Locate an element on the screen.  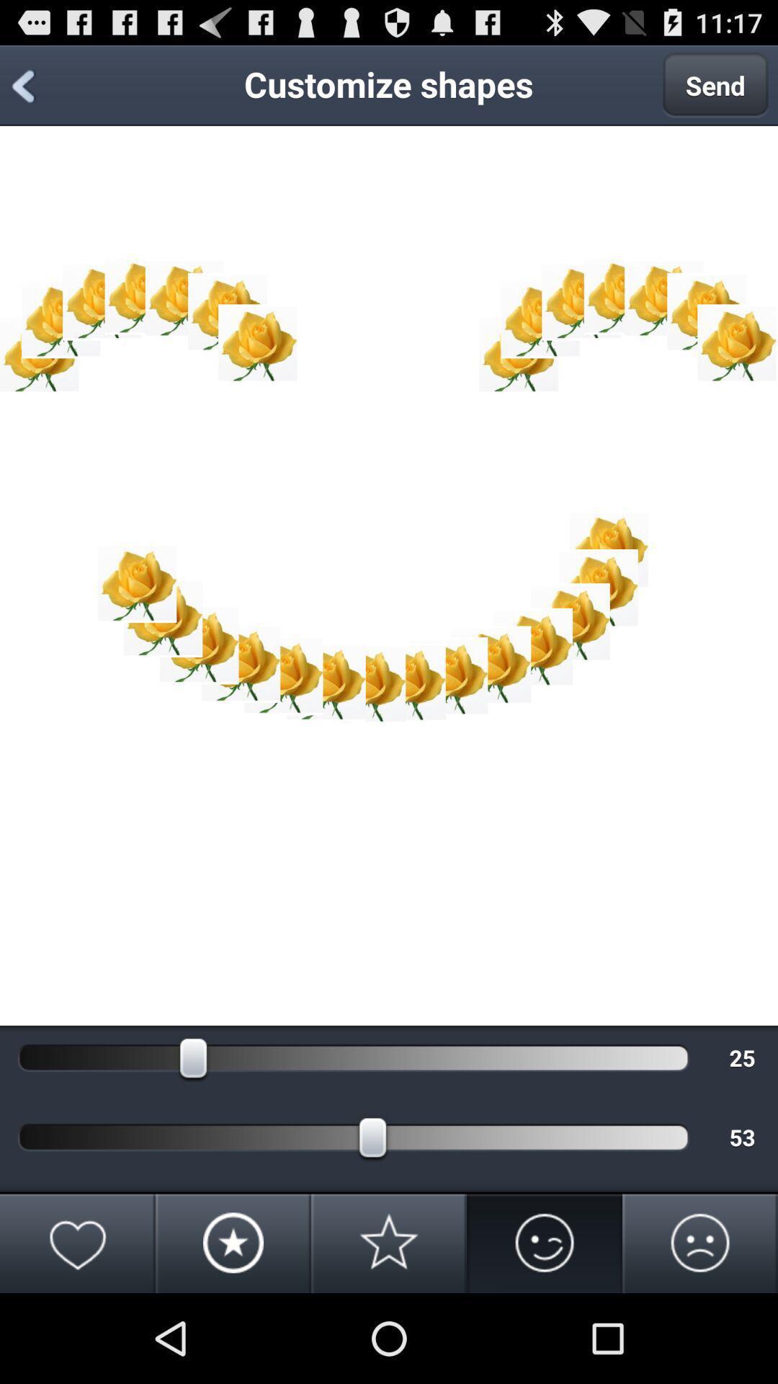
send at the top right corner is located at coordinates (715, 84).